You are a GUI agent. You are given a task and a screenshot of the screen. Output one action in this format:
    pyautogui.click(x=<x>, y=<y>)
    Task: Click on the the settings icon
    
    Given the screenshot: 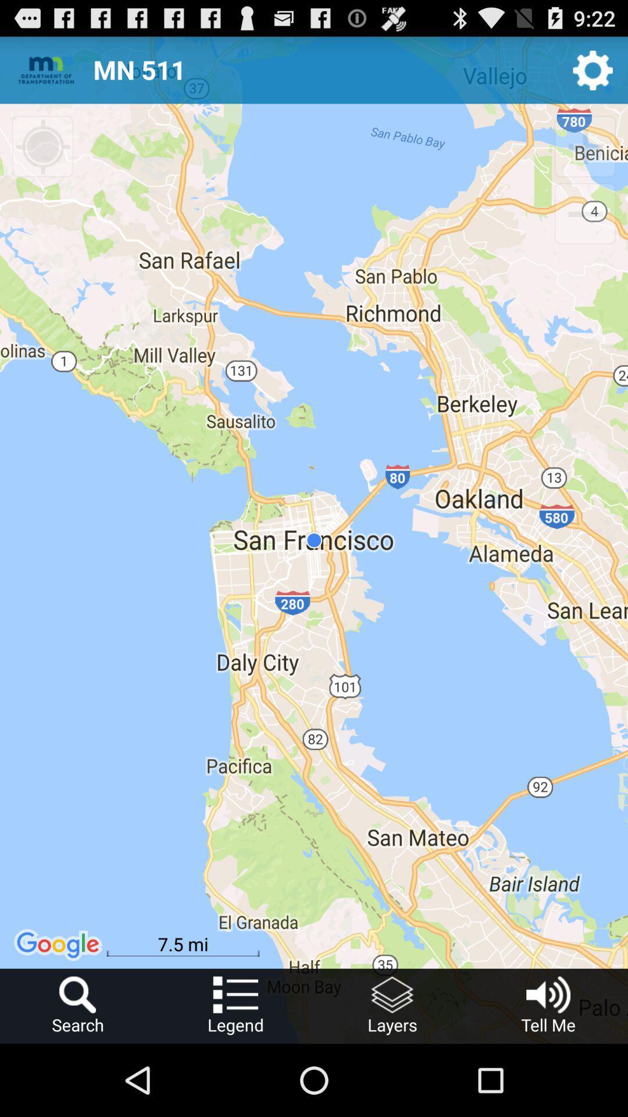 What is the action you would take?
    pyautogui.click(x=593, y=74)
    